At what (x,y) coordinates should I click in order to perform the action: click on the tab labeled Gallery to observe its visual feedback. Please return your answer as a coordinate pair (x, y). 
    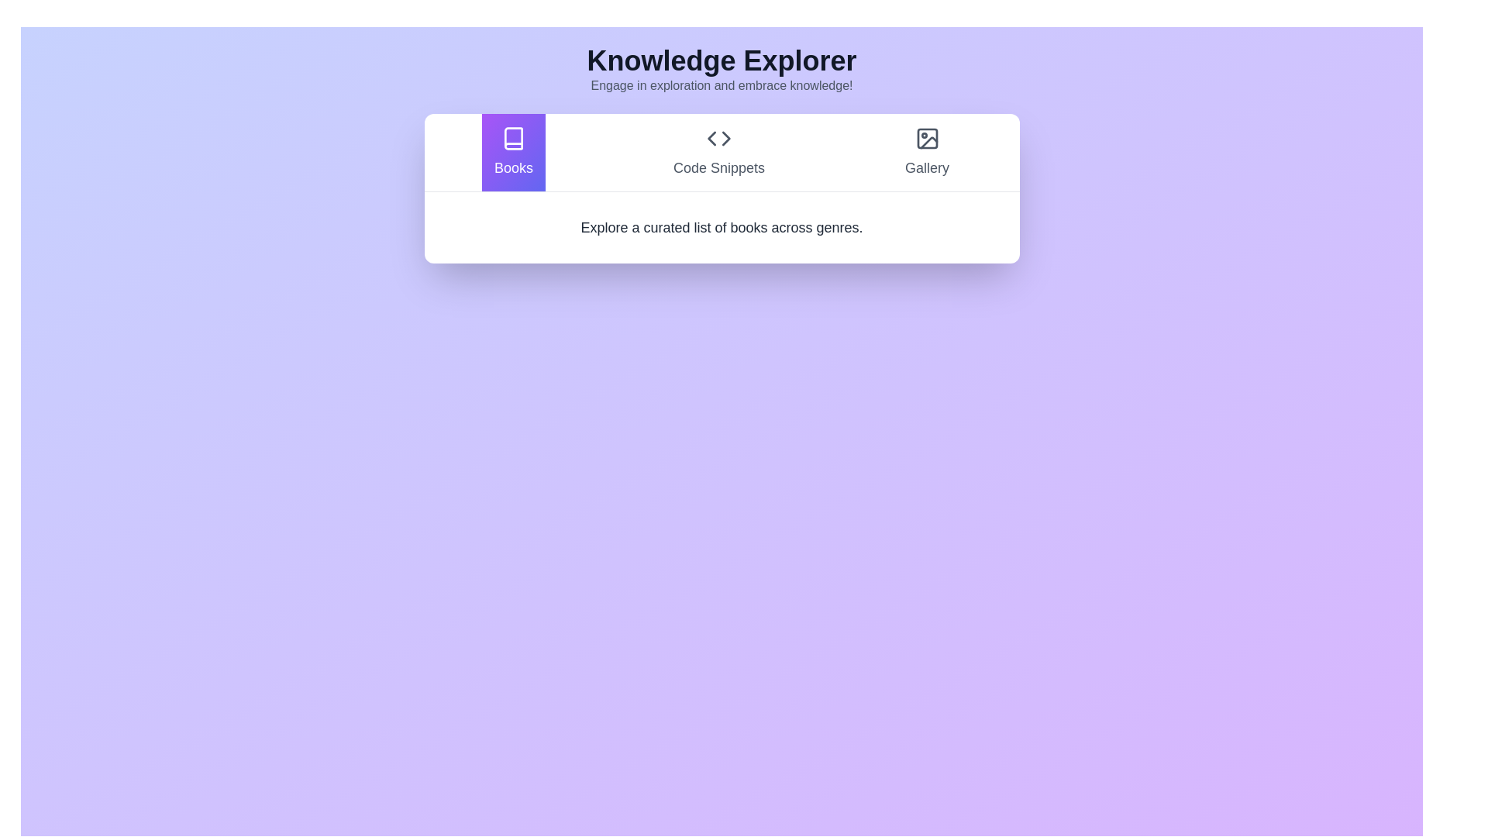
    Looking at the image, I should click on (927, 152).